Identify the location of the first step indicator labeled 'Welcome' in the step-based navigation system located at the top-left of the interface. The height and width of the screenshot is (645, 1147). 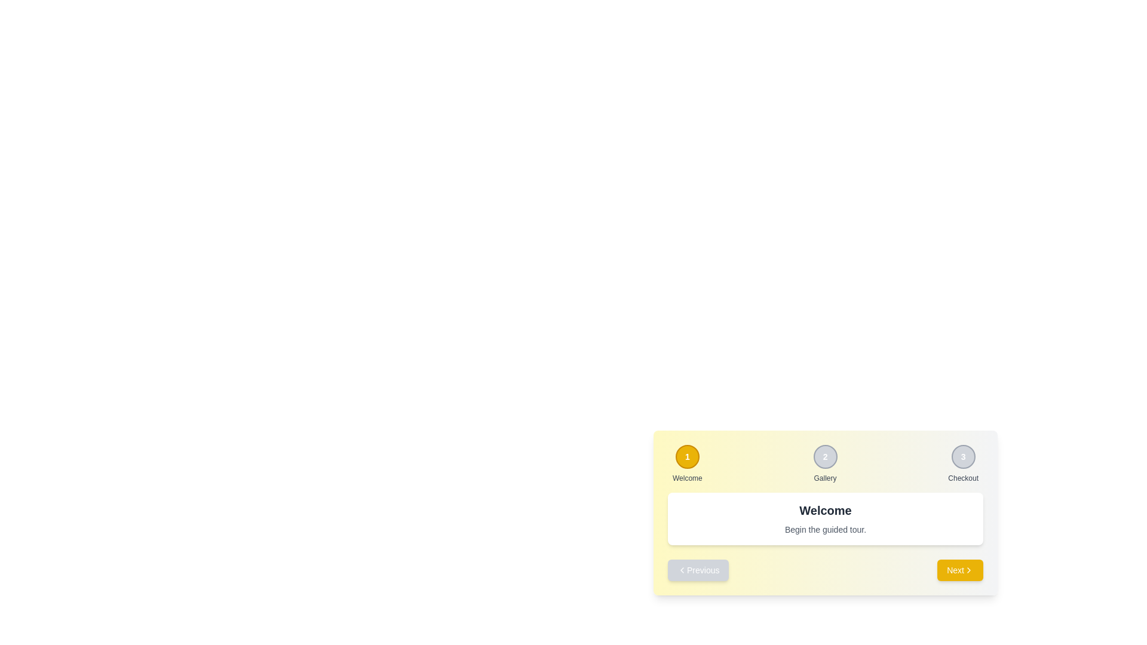
(687, 463).